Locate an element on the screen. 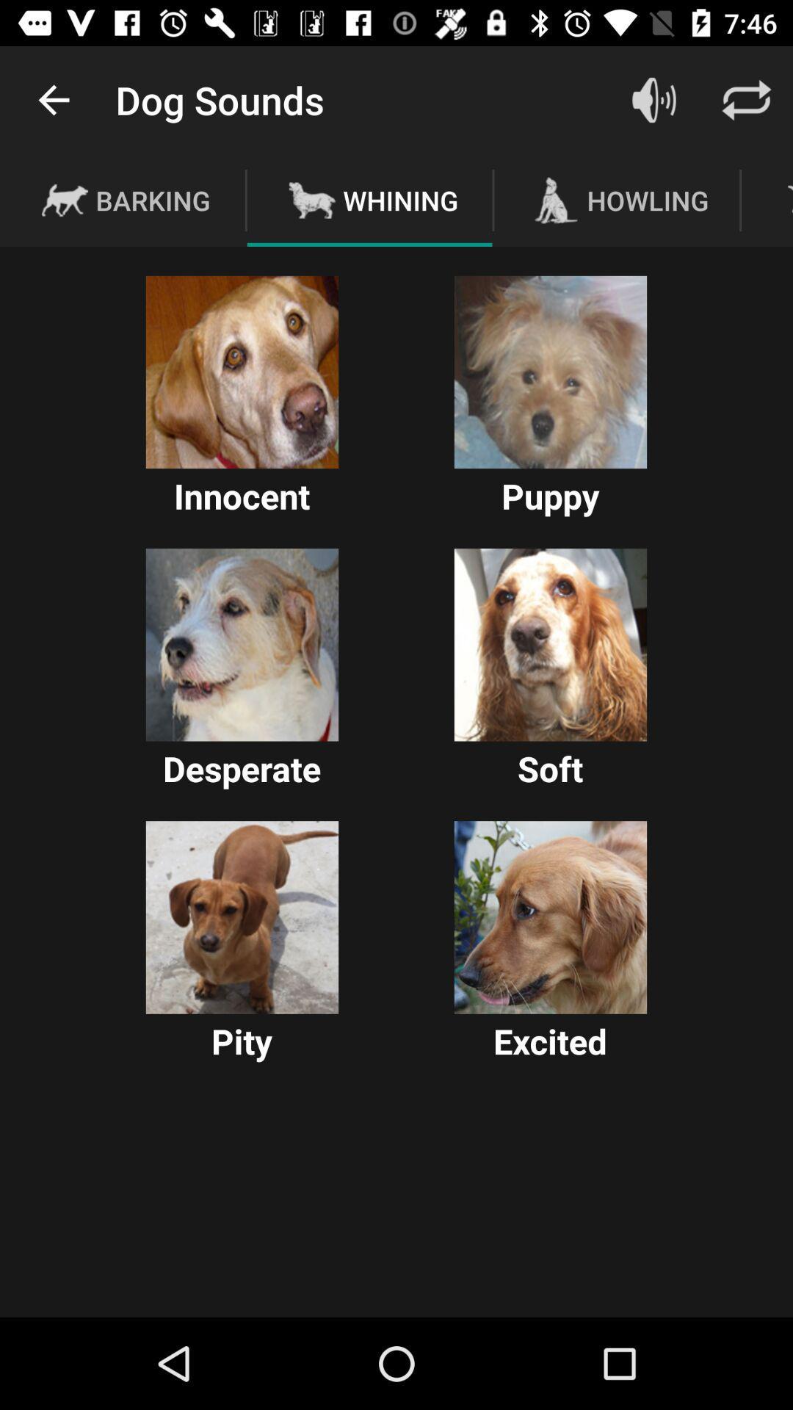 Image resolution: width=793 pixels, height=1410 pixels. the icon above the howling icon is located at coordinates (653, 99).